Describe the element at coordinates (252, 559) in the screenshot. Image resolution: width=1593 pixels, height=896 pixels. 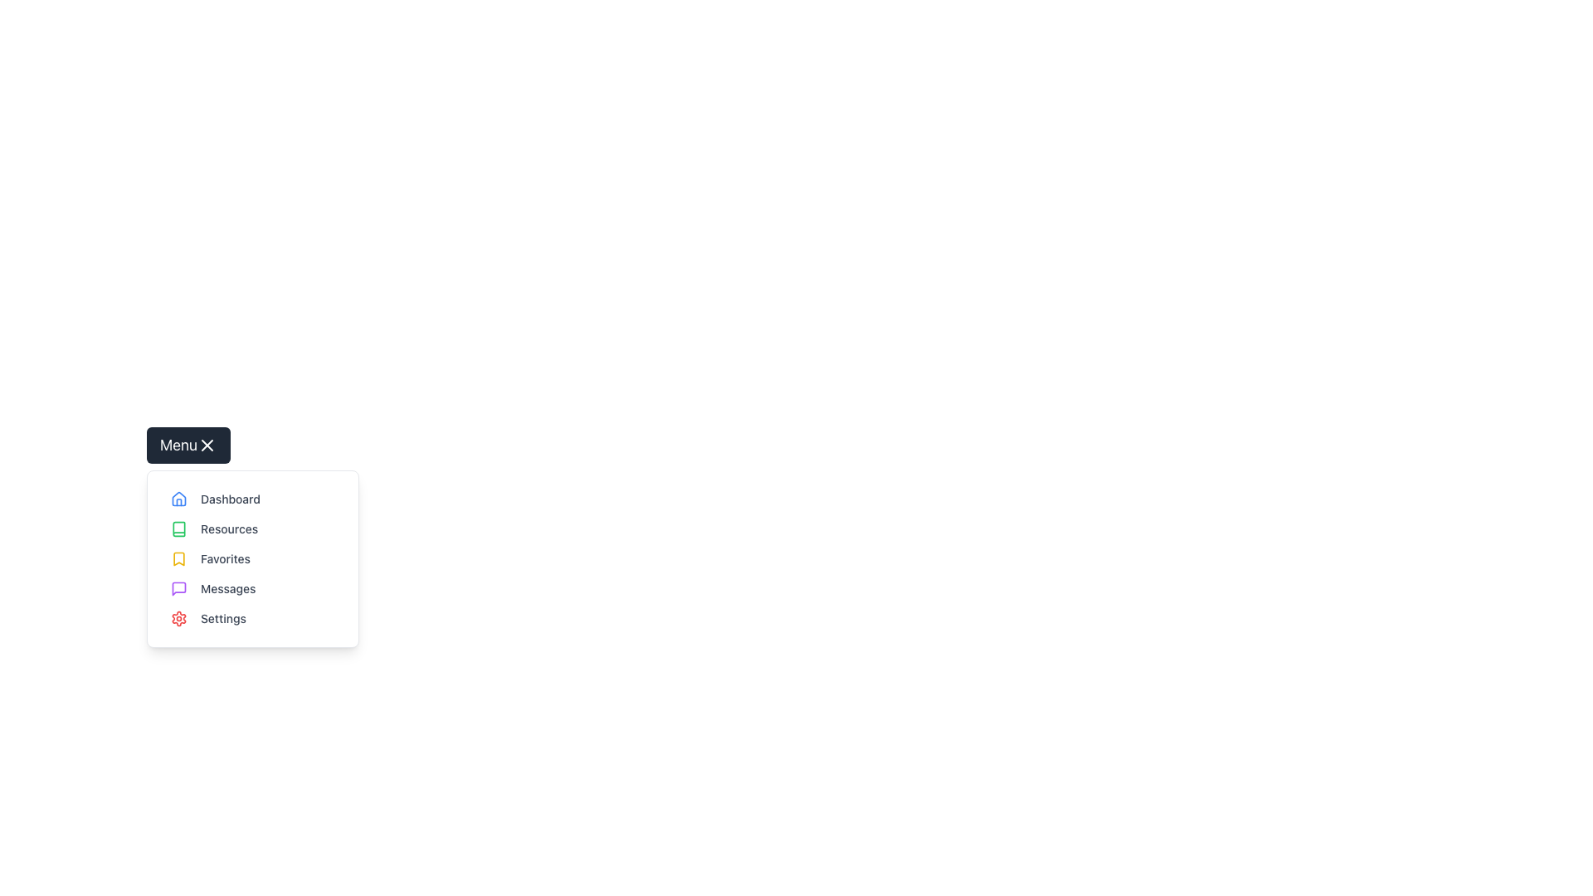
I see `the 'Favorites' menu item in the dropdown list` at that location.